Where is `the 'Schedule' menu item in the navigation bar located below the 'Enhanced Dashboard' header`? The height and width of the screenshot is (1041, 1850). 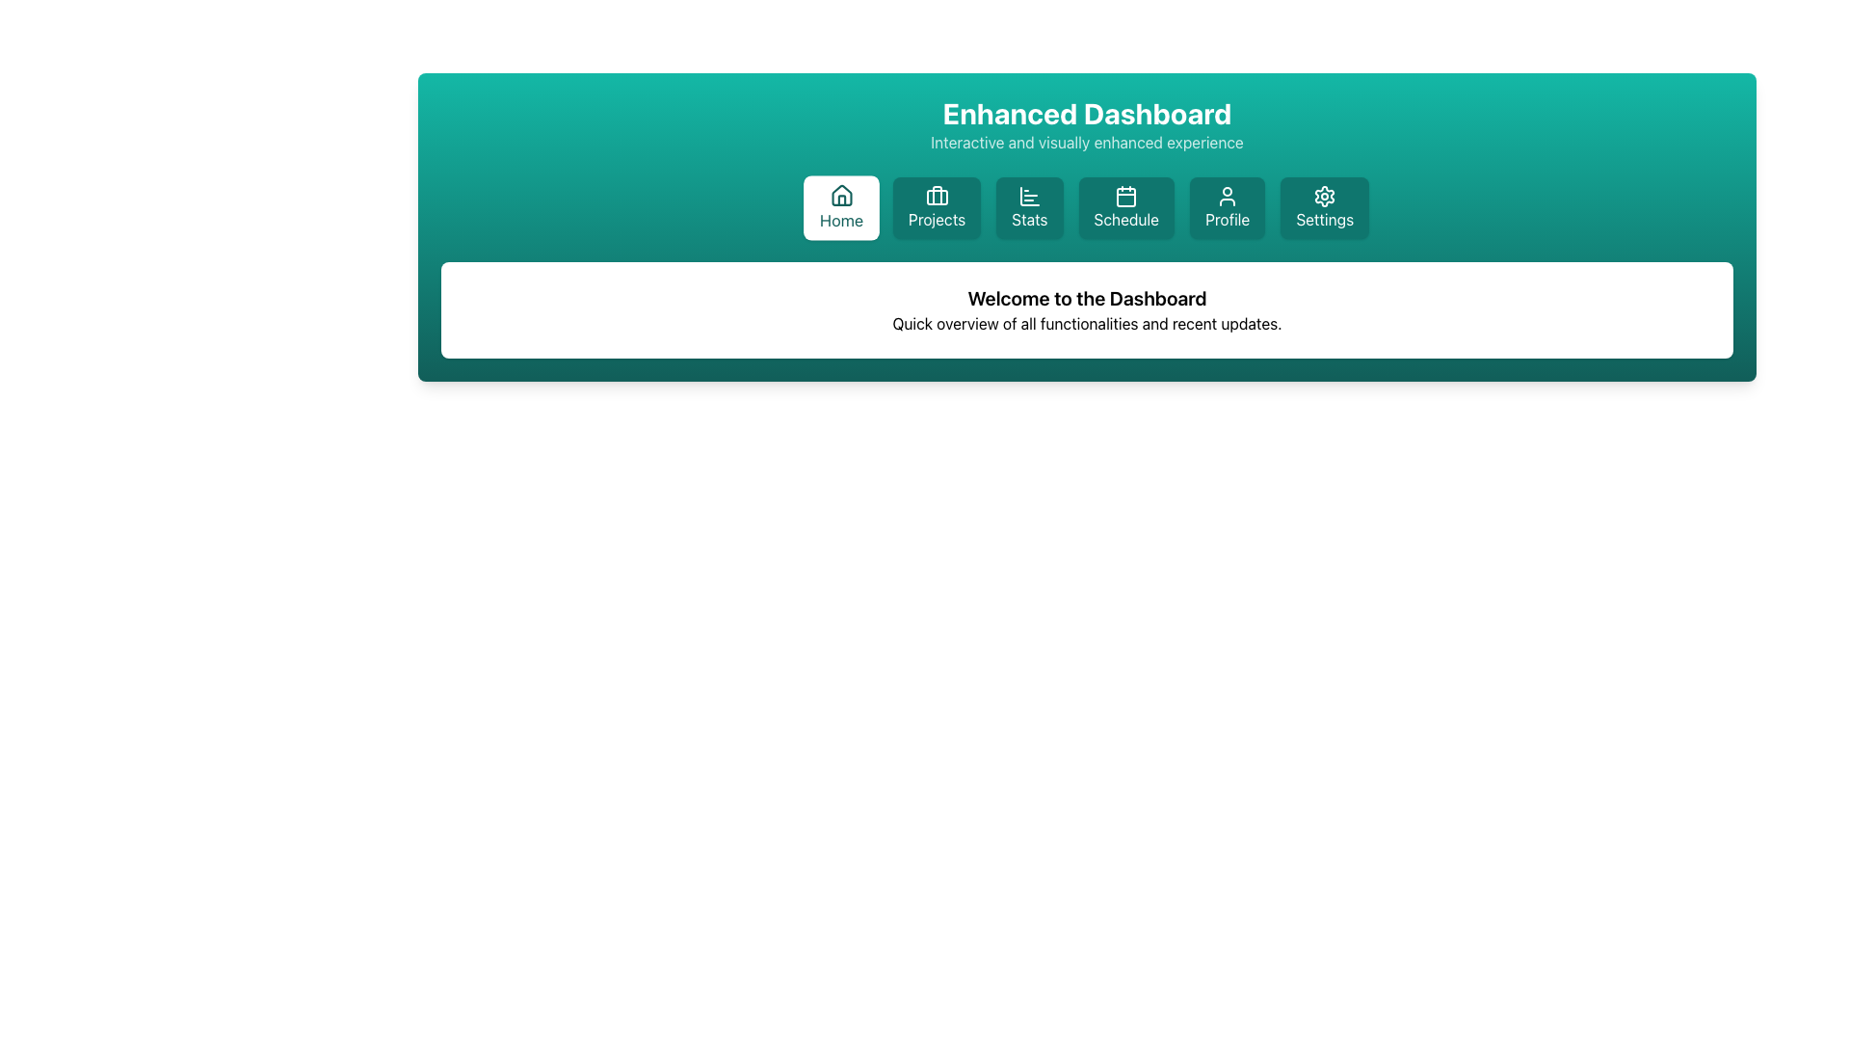 the 'Schedule' menu item in the navigation bar located below the 'Enhanced Dashboard' header is located at coordinates (1087, 208).